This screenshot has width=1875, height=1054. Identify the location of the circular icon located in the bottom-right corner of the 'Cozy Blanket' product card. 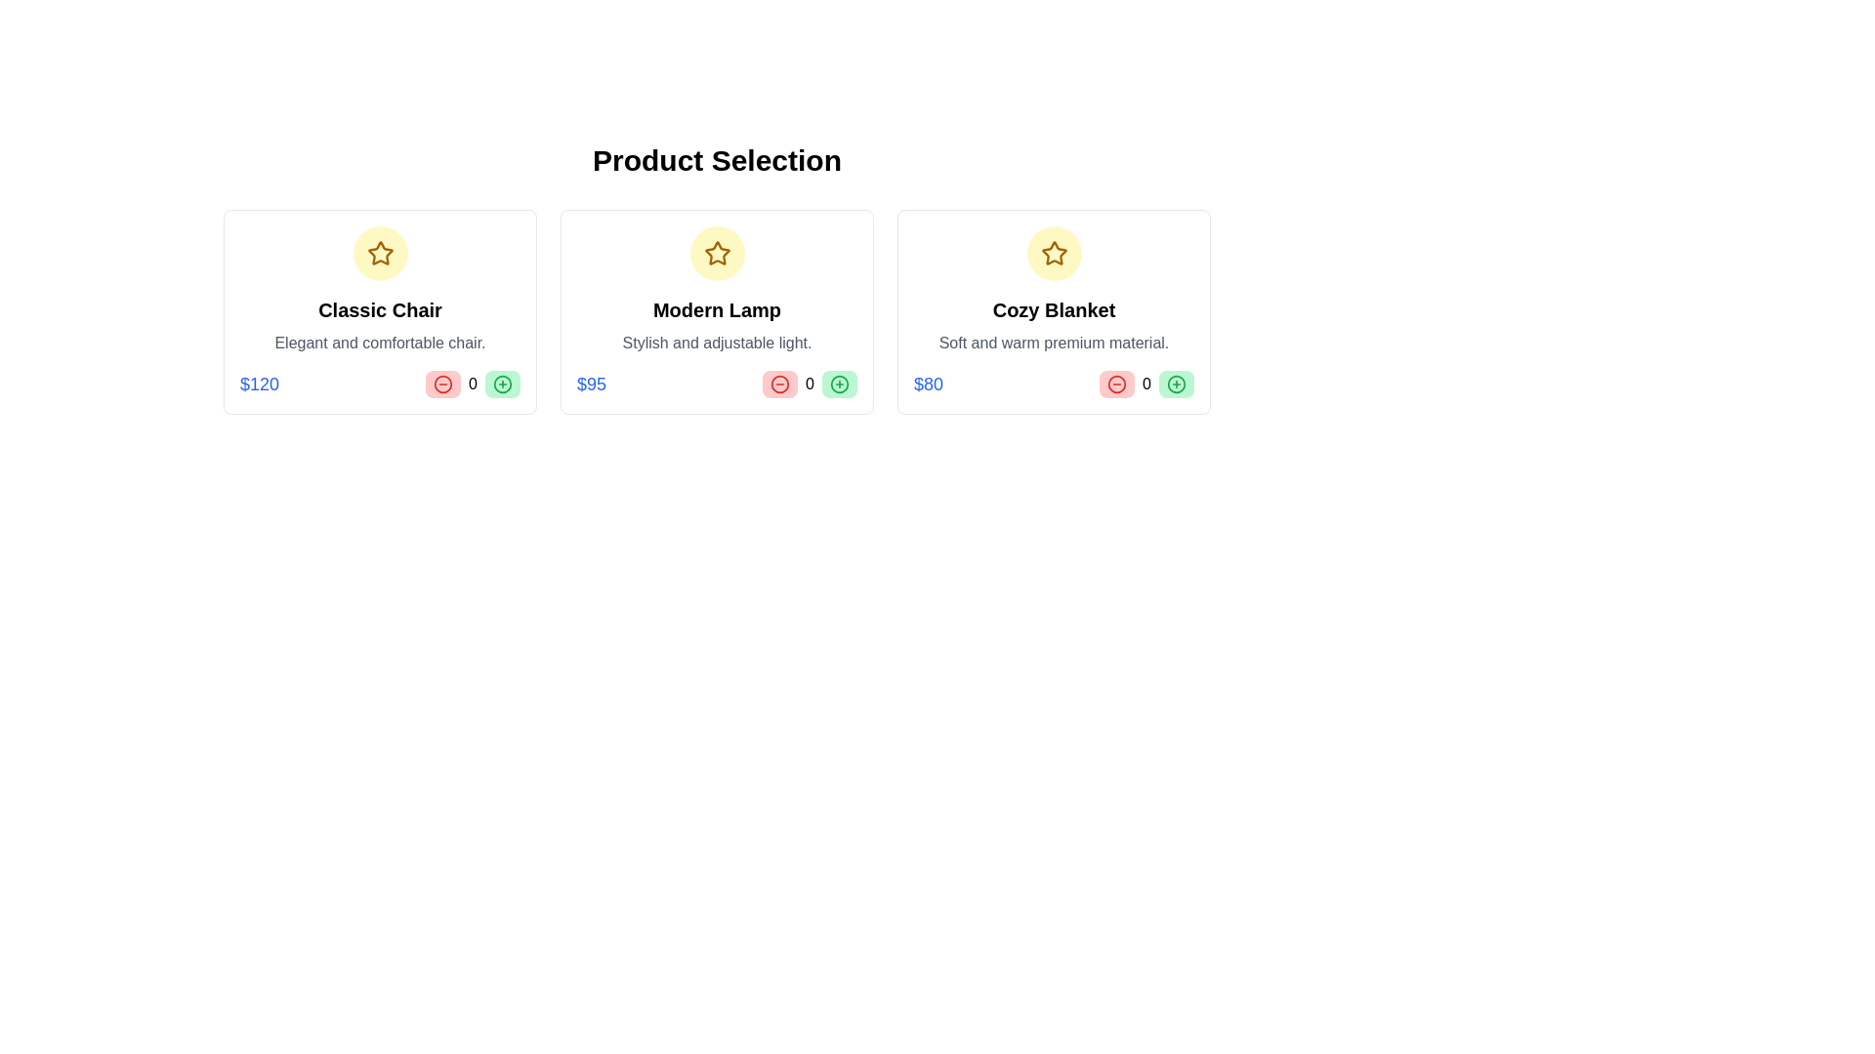
(1175, 384).